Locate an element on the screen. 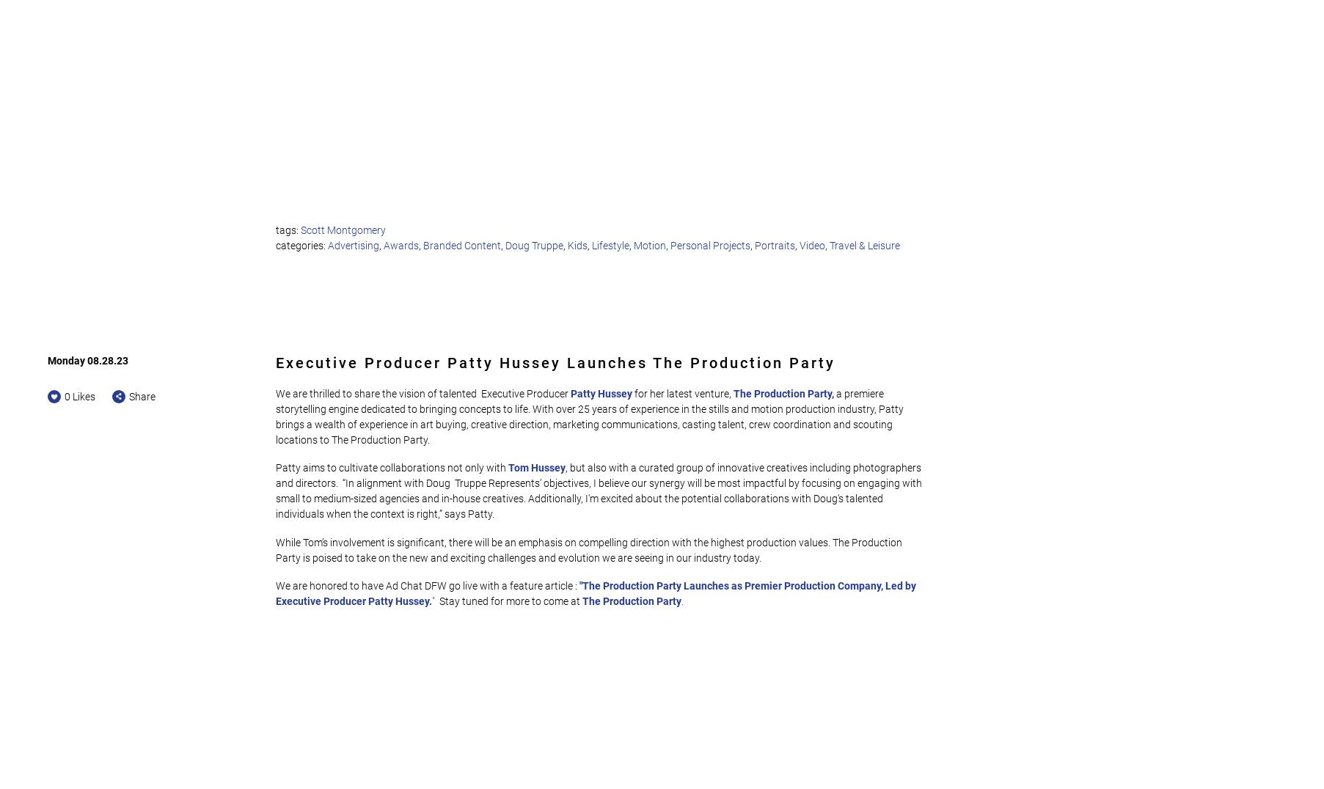  'Personal Projects' is located at coordinates (710, 244).